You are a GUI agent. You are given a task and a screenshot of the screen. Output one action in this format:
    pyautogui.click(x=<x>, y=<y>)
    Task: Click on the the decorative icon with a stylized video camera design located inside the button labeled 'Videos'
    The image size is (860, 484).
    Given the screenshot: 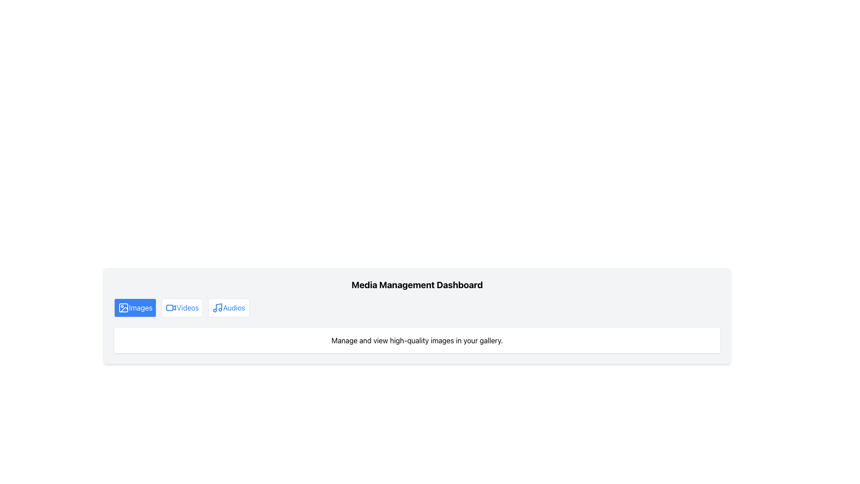 What is the action you would take?
    pyautogui.click(x=171, y=307)
    